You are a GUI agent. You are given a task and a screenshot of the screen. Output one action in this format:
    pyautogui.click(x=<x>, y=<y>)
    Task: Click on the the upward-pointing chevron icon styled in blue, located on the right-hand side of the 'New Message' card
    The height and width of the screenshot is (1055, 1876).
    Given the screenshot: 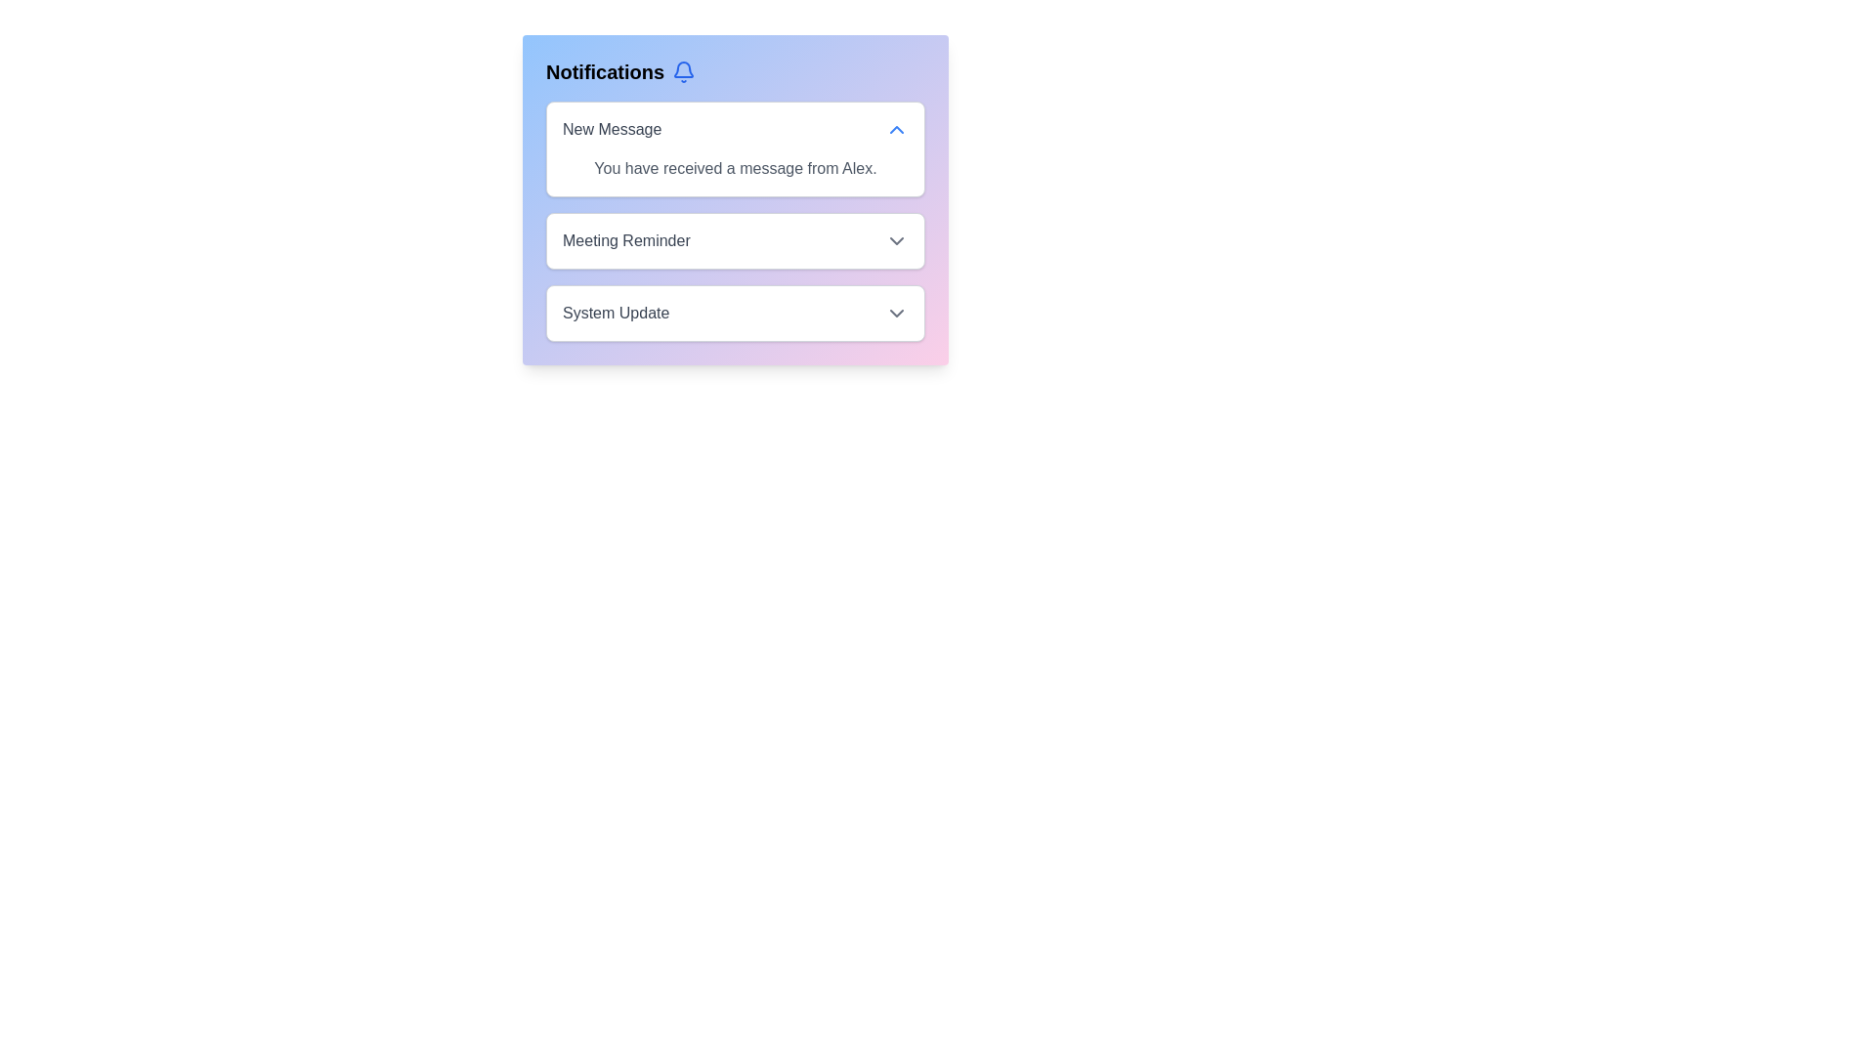 What is the action you would take?
    pyautogui.click(x=895, y=129)
    